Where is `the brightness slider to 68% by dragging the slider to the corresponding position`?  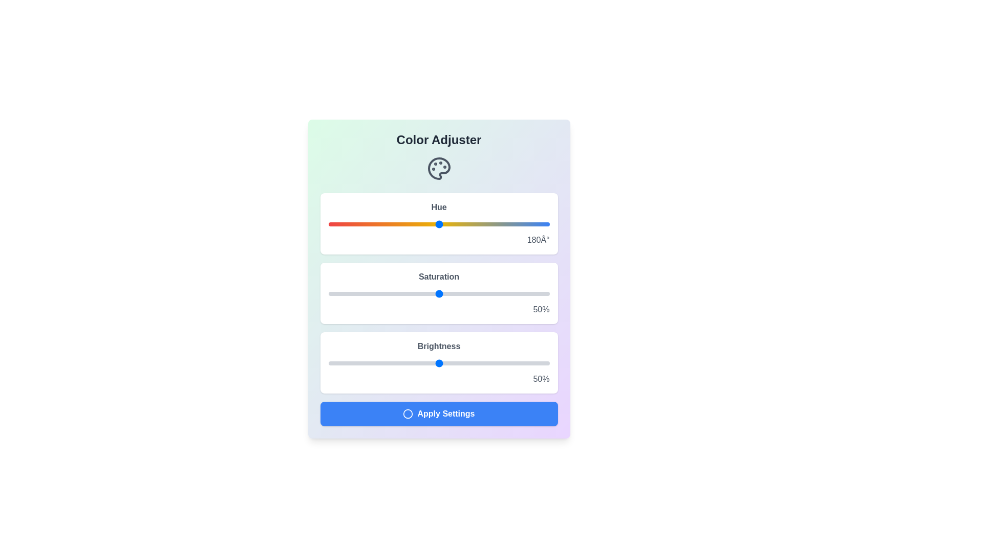 the brightness slider to 68% by dragging the slider to the corresponding position is located at coordinates (478, 362).